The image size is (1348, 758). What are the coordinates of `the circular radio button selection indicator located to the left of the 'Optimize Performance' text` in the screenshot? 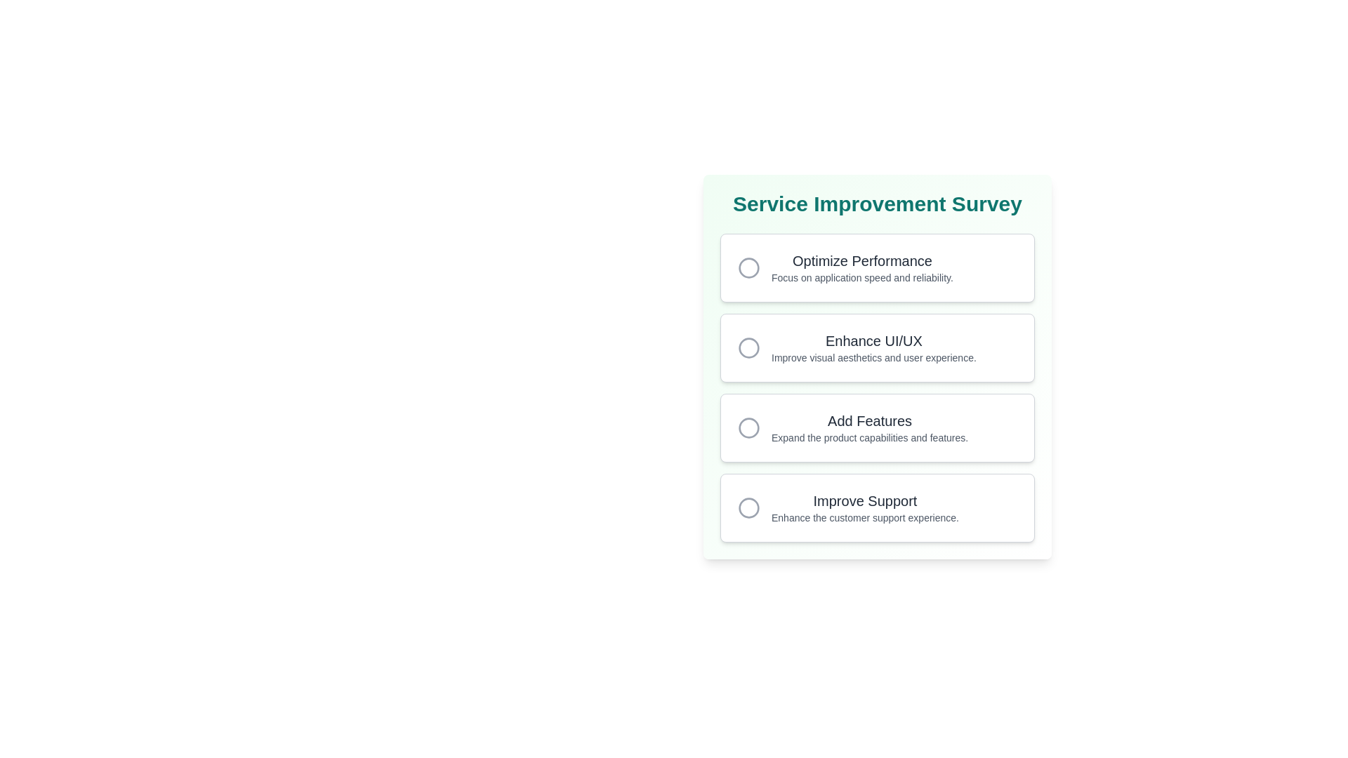 It's located at (748, 267).